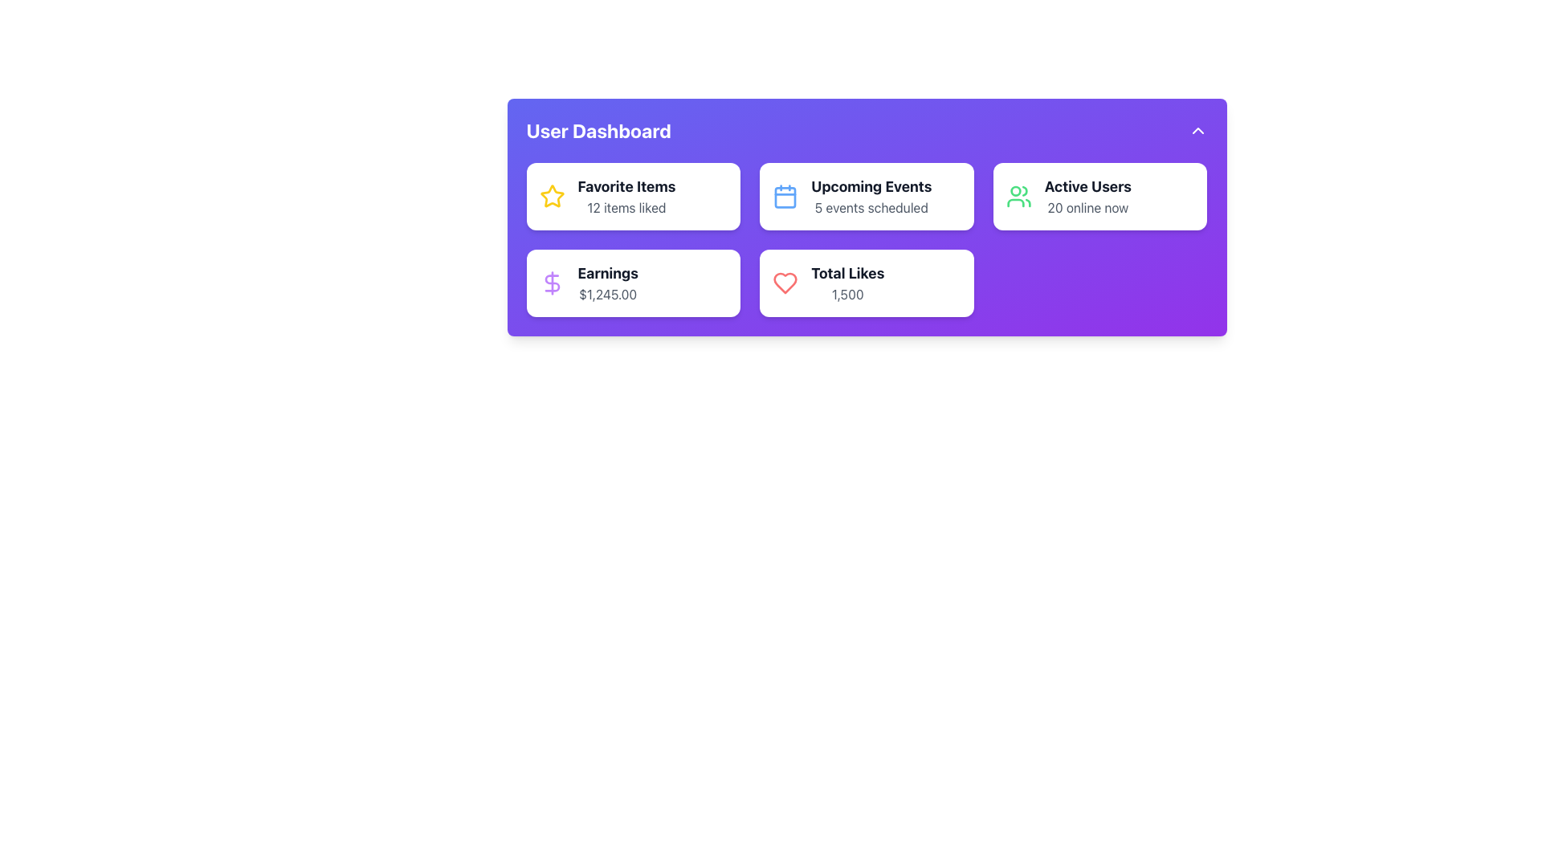  Describe the element at coordinates (552, 196) in the screenshot. I see `the star icon located in the top-left card of the grid layout to interact with it` at that location.